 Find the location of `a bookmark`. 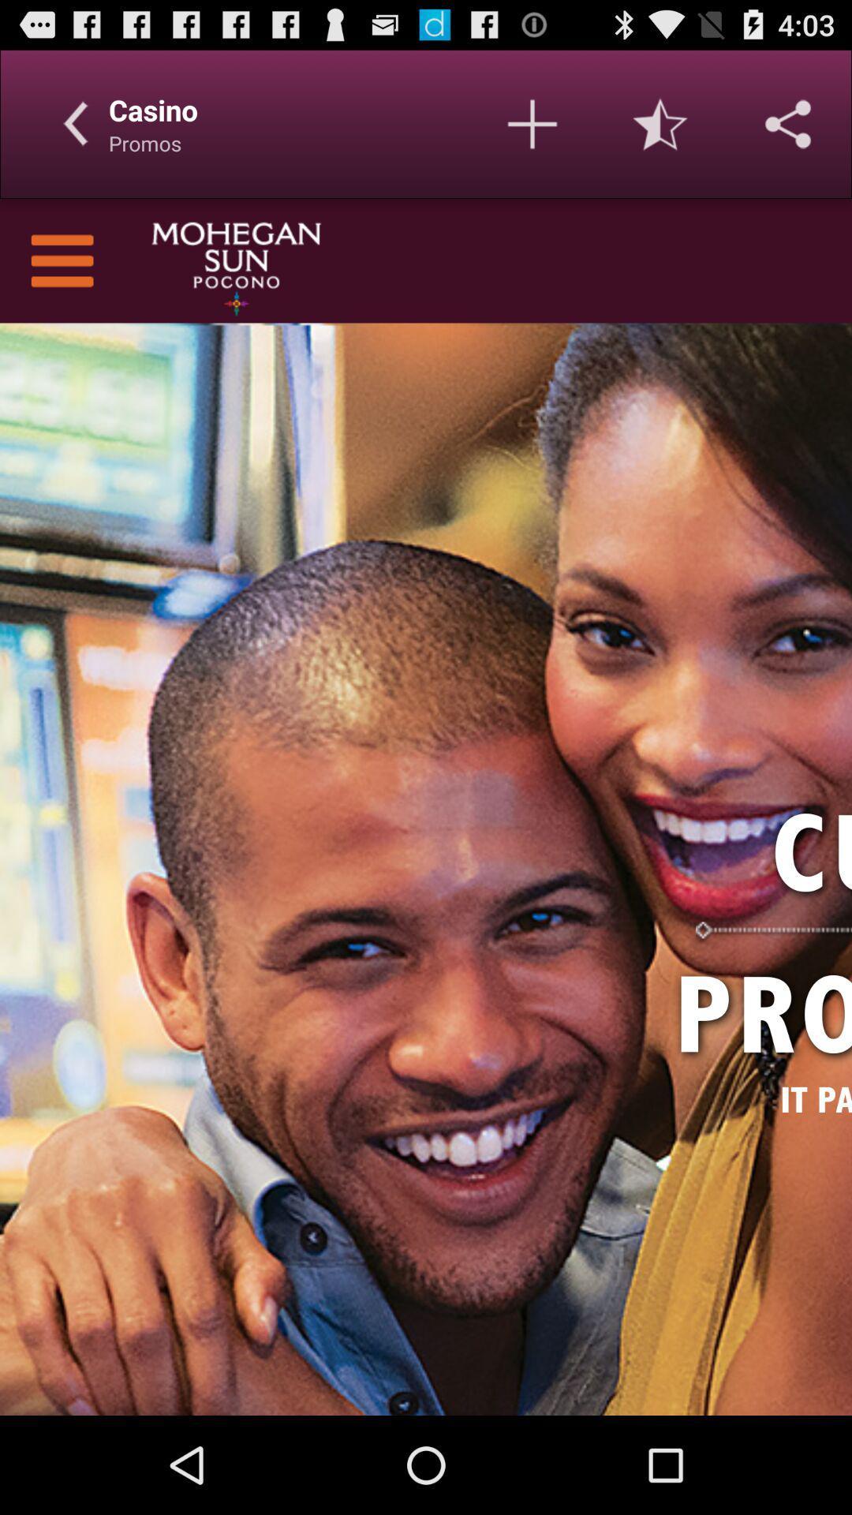

a bookmark is located at coordinates (532, 123).